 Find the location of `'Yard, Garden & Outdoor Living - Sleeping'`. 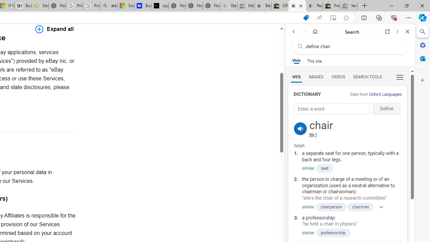

'Yard, Garden & Outdoor Living - Sleeping' is located at coordinates (349, 6).